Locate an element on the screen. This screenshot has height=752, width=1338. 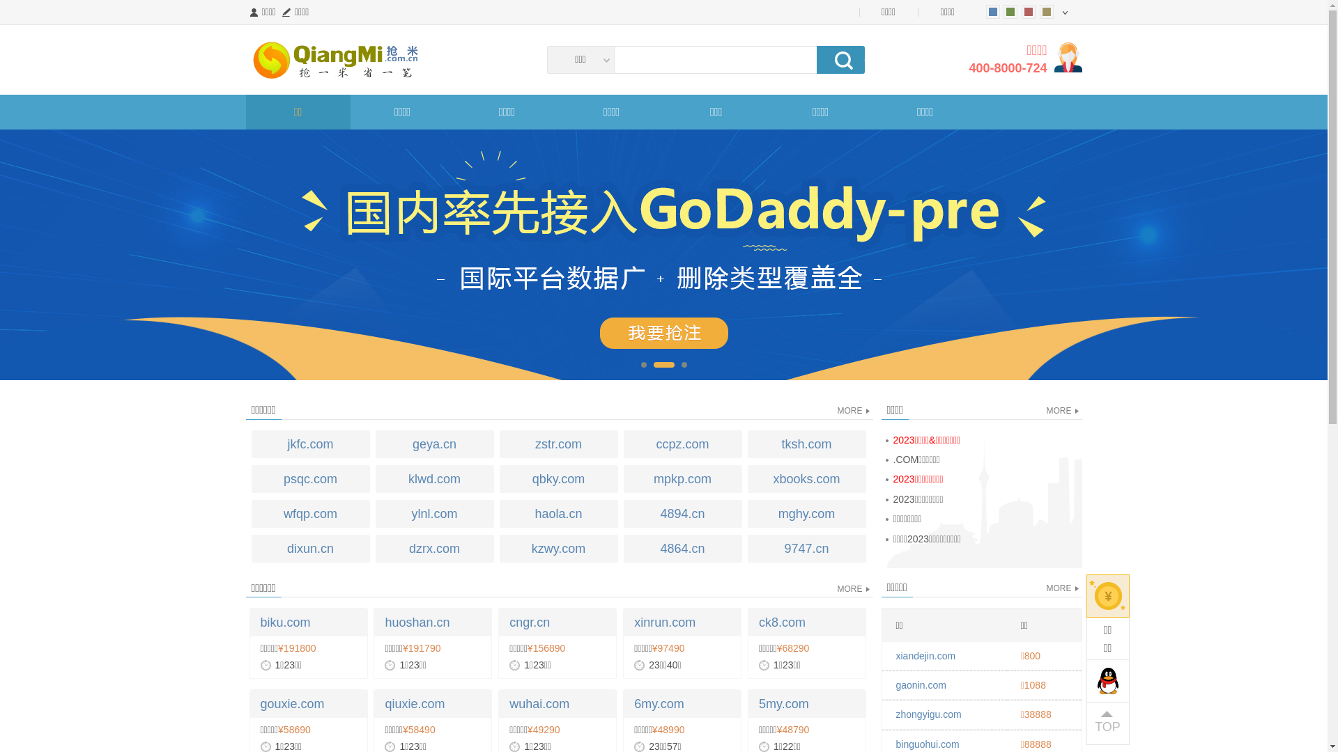
'xbooks.com' is located at coordinates (806, 478).